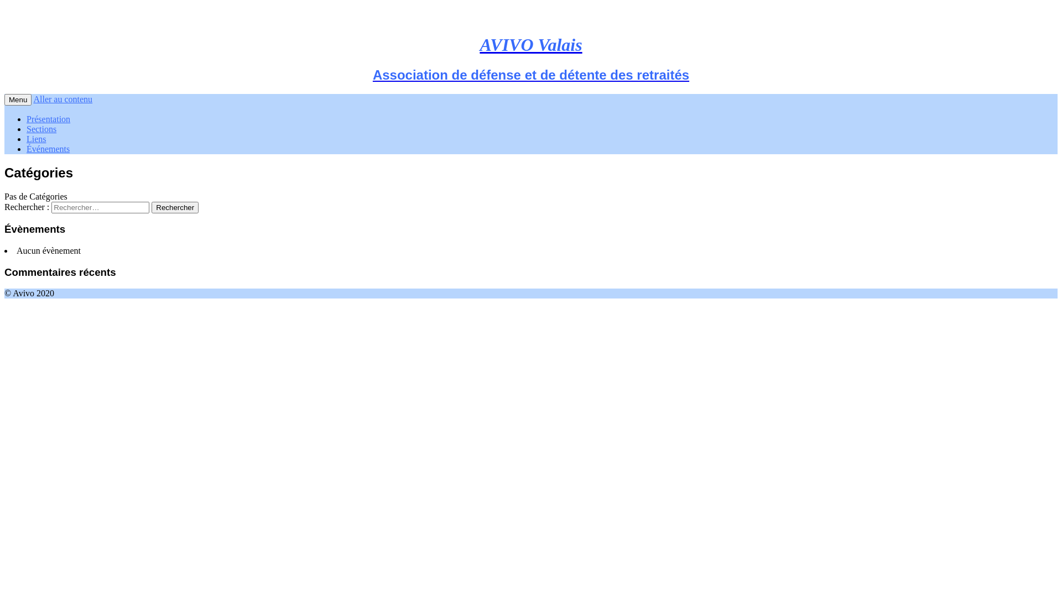  Describe the element at coordinates (150, 207) in the screenshot. I see `'Rechercher'` at that location.